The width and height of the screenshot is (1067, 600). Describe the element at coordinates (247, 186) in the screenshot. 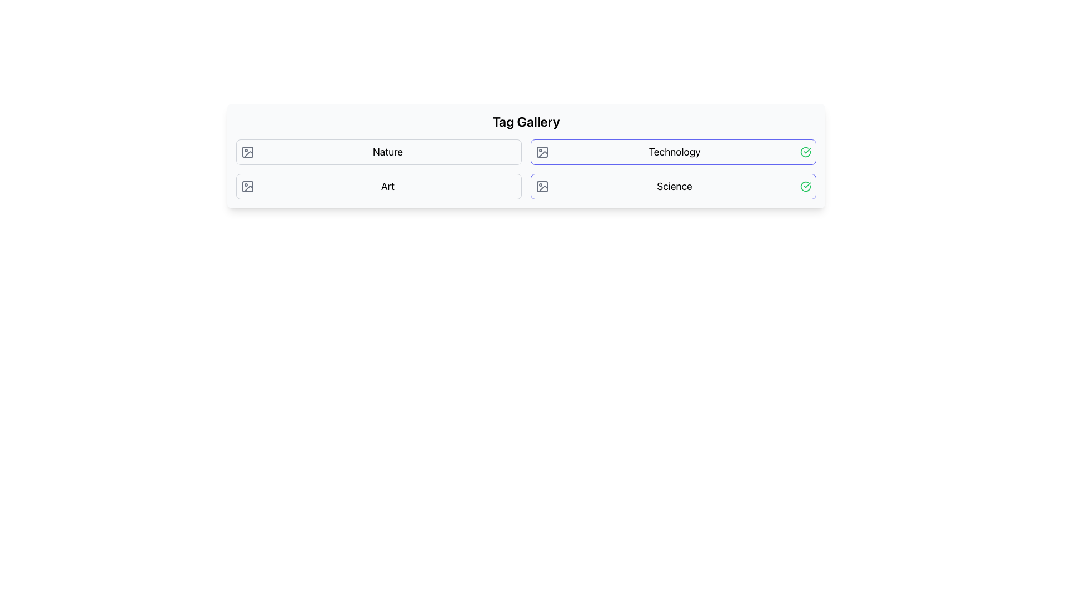

I see `the decorative graphic (SVG rectangle) representing the 'Art' category icon, located near the top-left corner of the sub-icon` at that location.